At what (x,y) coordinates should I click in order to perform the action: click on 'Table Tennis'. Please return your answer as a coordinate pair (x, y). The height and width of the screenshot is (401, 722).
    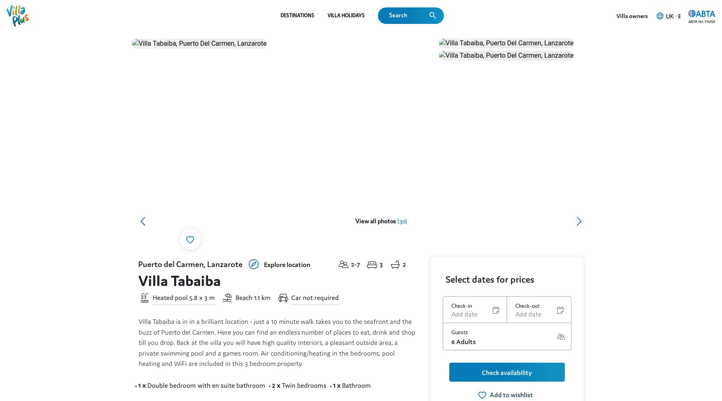
    Looking at the image, I should click on (481, 267).